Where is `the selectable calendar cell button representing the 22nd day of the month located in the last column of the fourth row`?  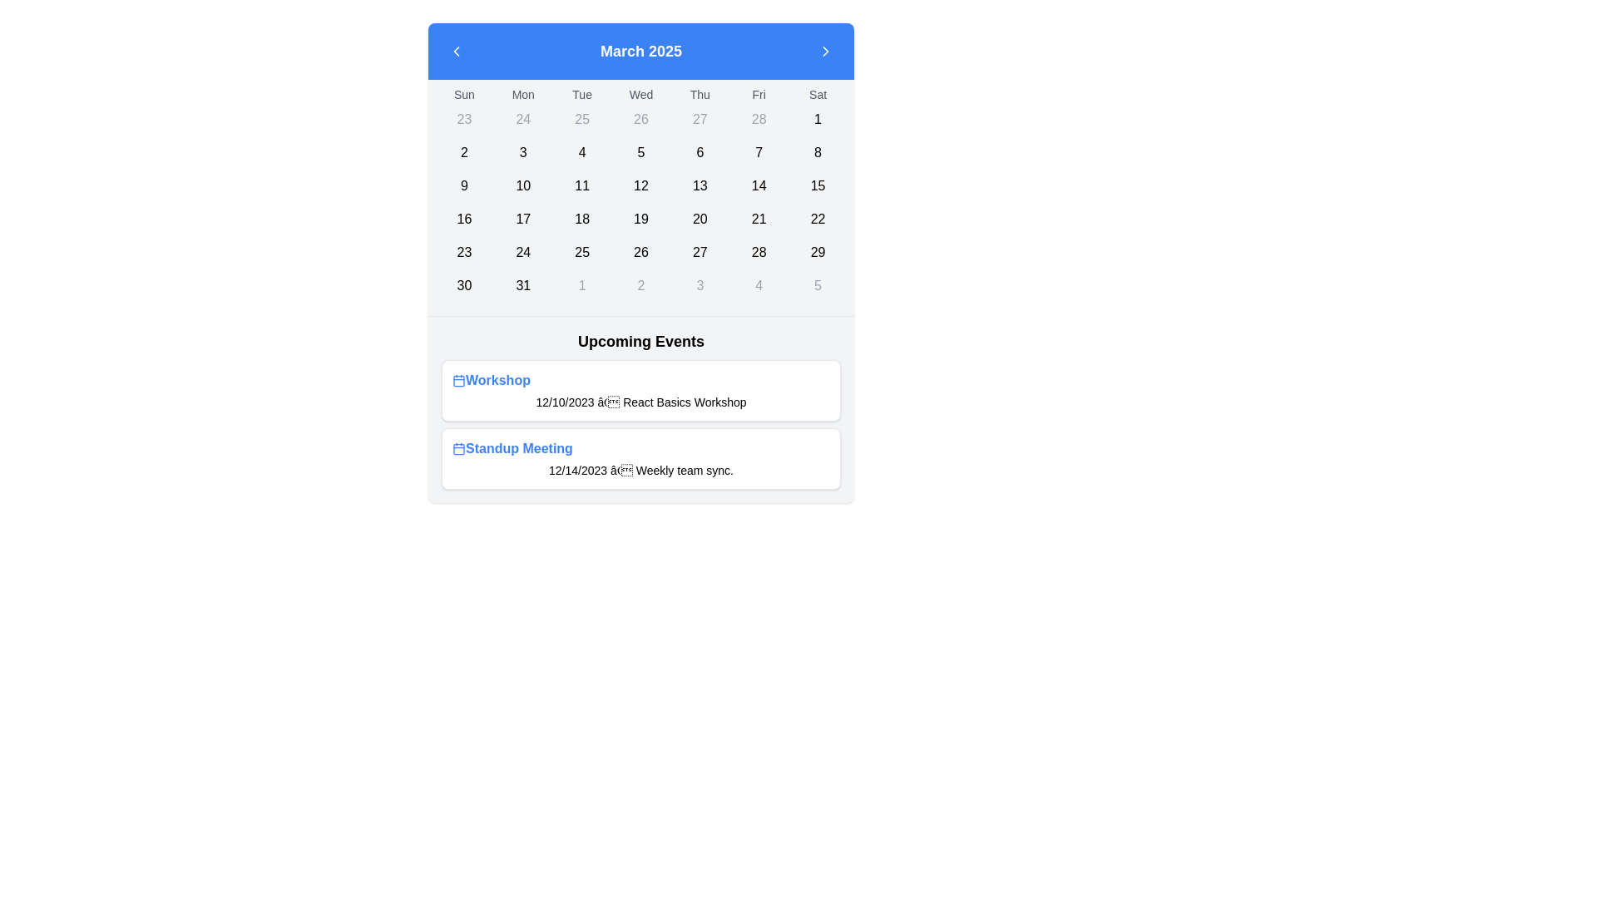 the selectable calendar cell button representing the 22nd day of the month located in the last column of the fourth row is located at coordinates (818, 218).